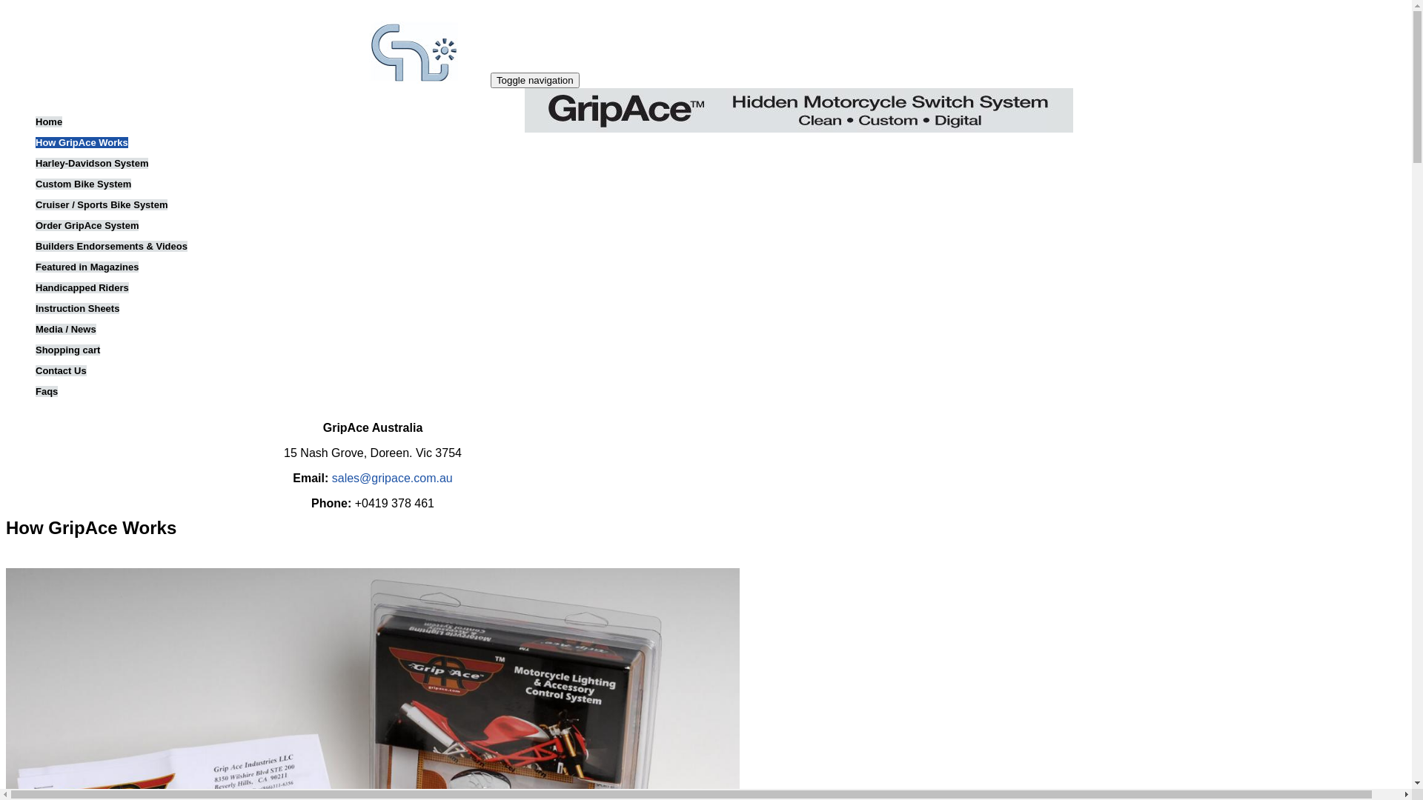  Describe the element at coordinates (67, 350) in the screenshot. I see `'Shopping cart'` at that location.